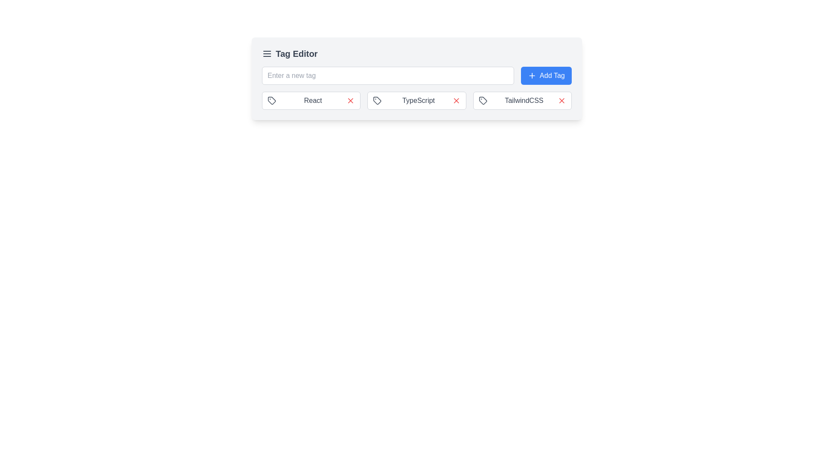  Describe the element at coordinates (271, 100) in the screenshot. I see `the SVG icon located to the left of the 'React' text, which serves as a decorative or indicative element in the UI` at that location.